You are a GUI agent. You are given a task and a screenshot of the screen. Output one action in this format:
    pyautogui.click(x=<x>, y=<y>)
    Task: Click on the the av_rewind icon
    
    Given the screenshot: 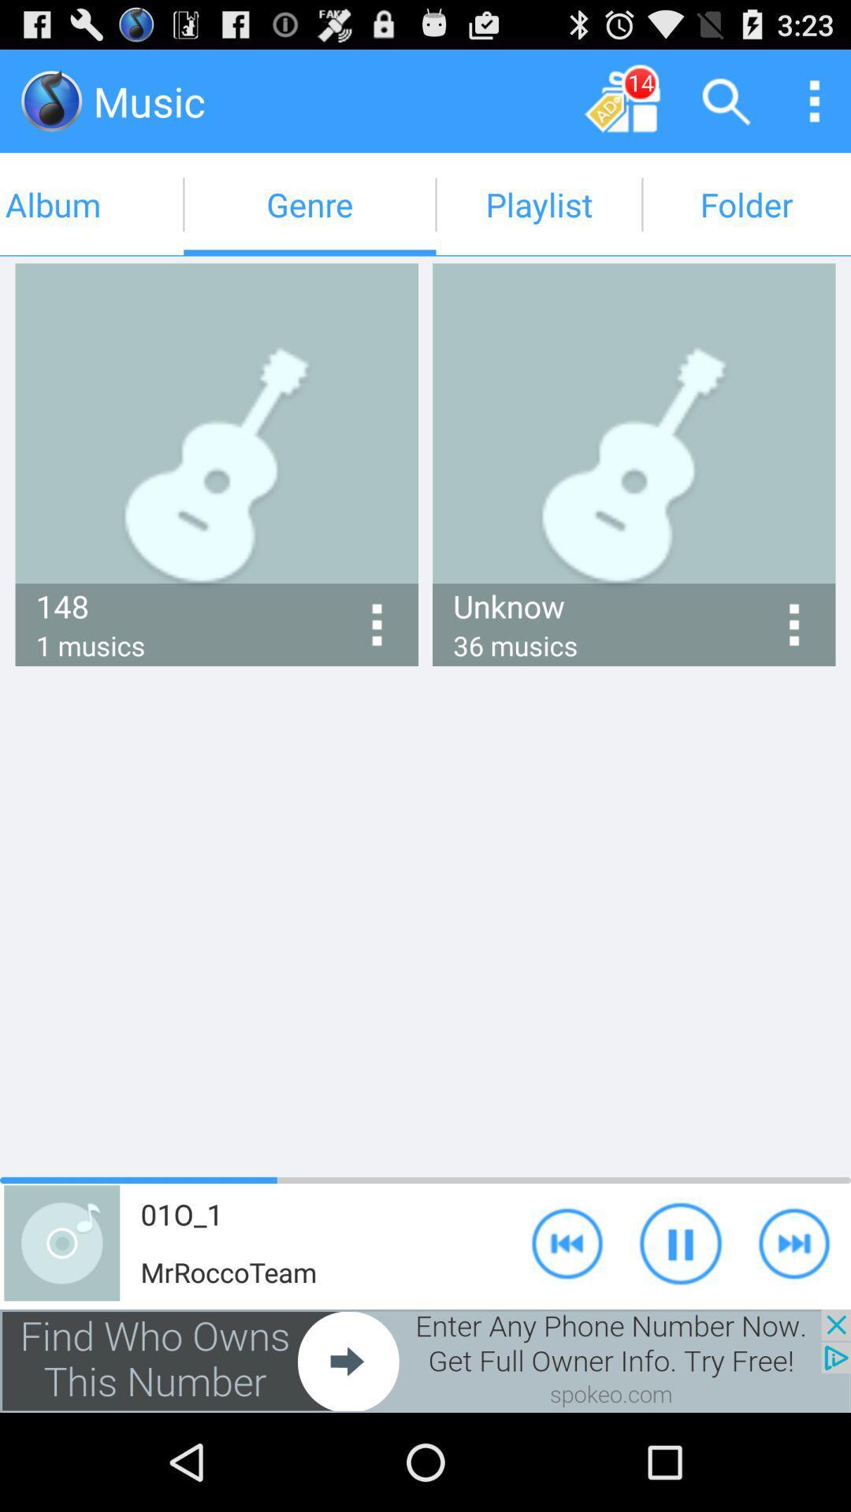 What is the action you would take?
    pyautogui.click(x=567, y=1329)
    